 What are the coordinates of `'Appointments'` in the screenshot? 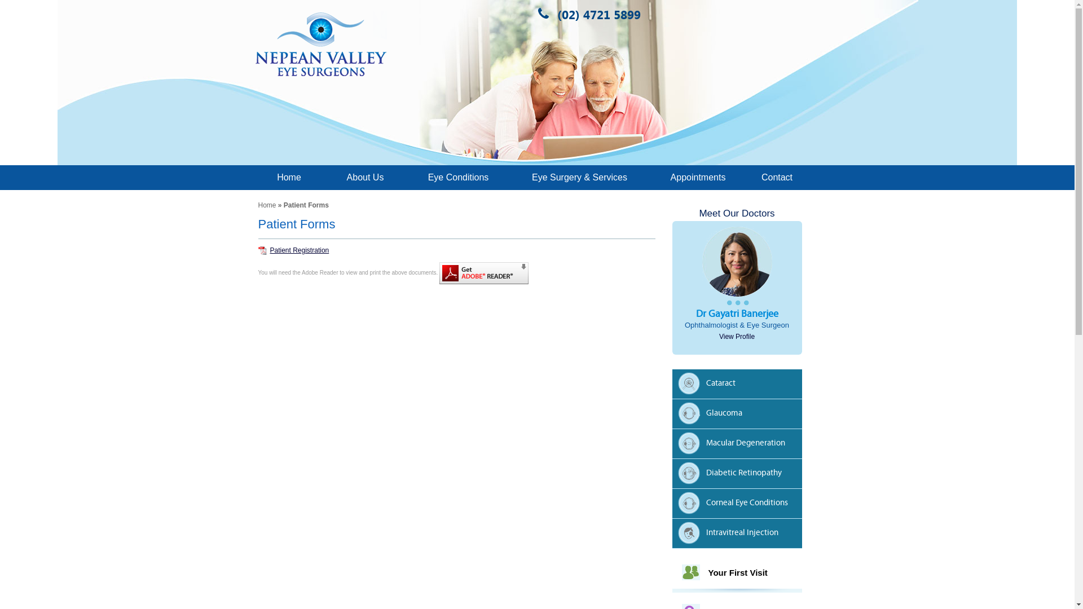 It's located at (697, 177).